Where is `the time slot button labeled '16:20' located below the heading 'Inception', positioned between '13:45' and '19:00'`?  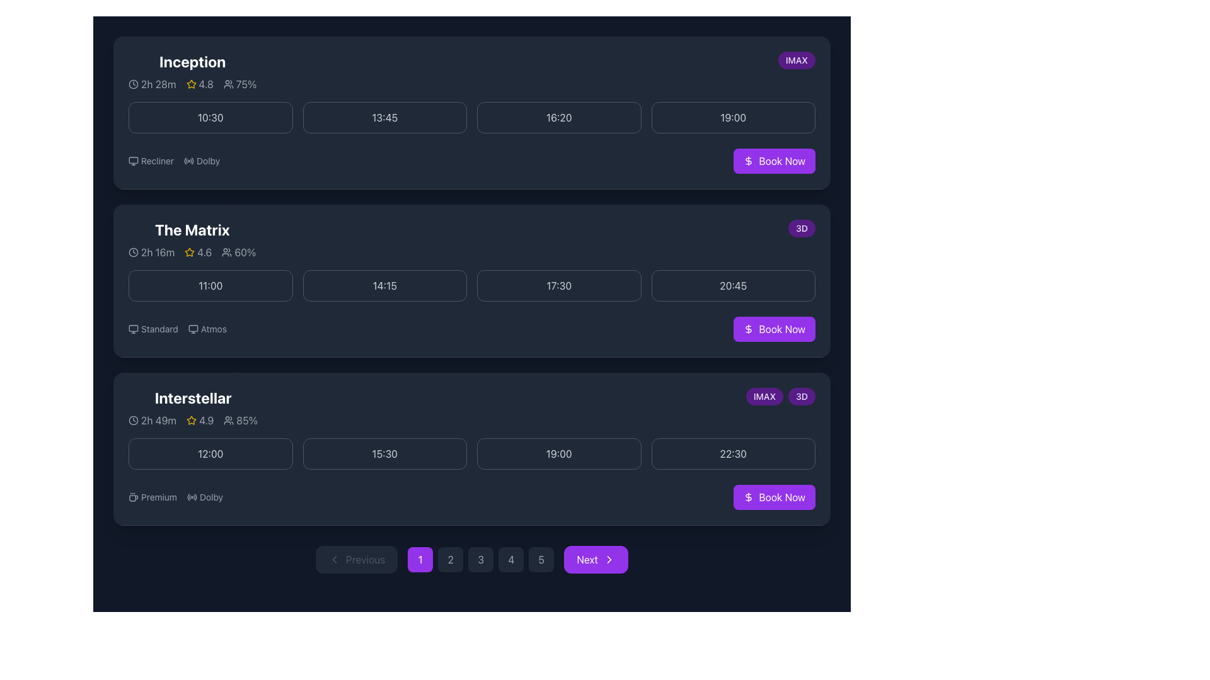
the time slot button labeled '16:20' located below the heading 'Inception', positioned between '13:45' and '19:00' is located at coordinates (558, 117).